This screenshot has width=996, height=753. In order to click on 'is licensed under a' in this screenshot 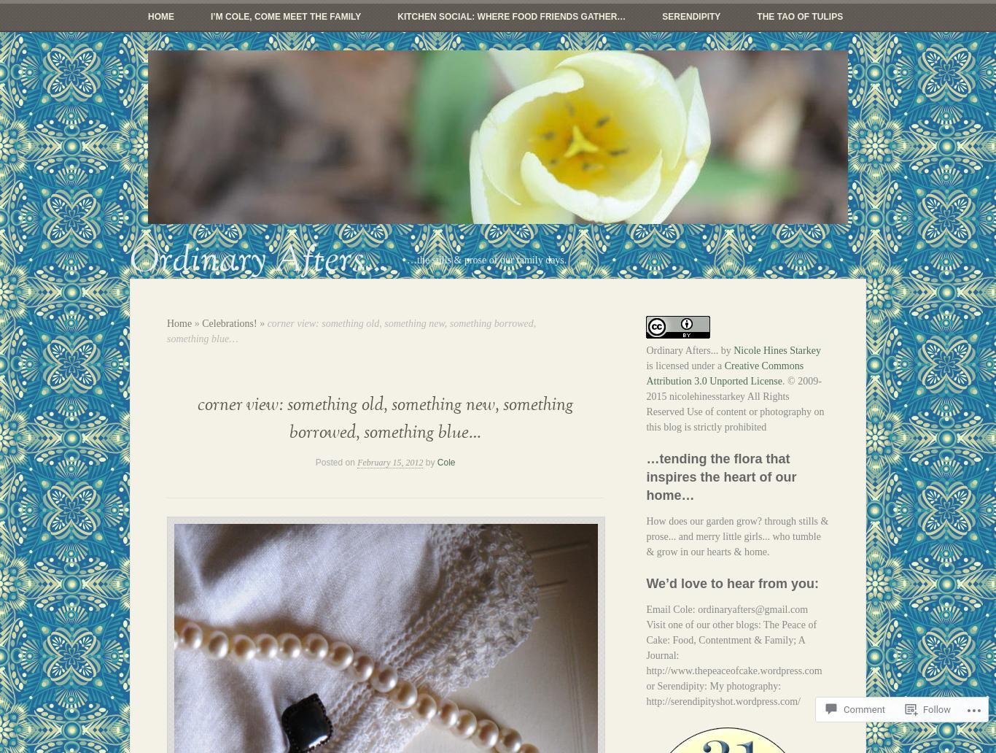, I will do `click(685, 365)`.